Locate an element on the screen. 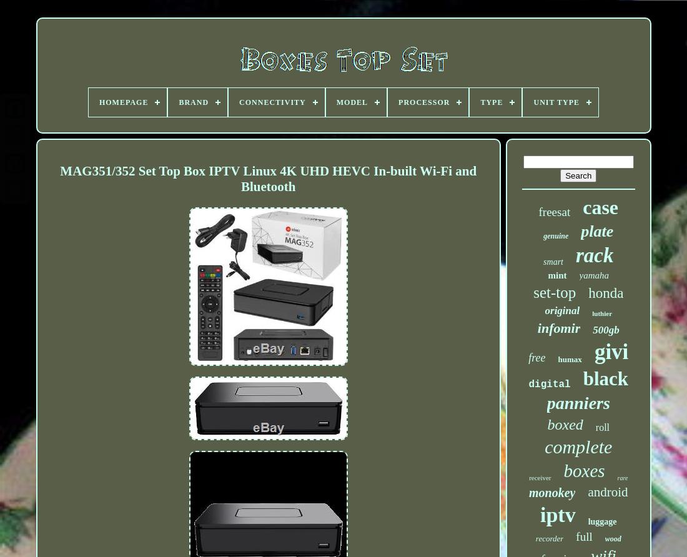 This screenshot has width=687, height=557. 'recorder' is located at coordinates (548, 538).